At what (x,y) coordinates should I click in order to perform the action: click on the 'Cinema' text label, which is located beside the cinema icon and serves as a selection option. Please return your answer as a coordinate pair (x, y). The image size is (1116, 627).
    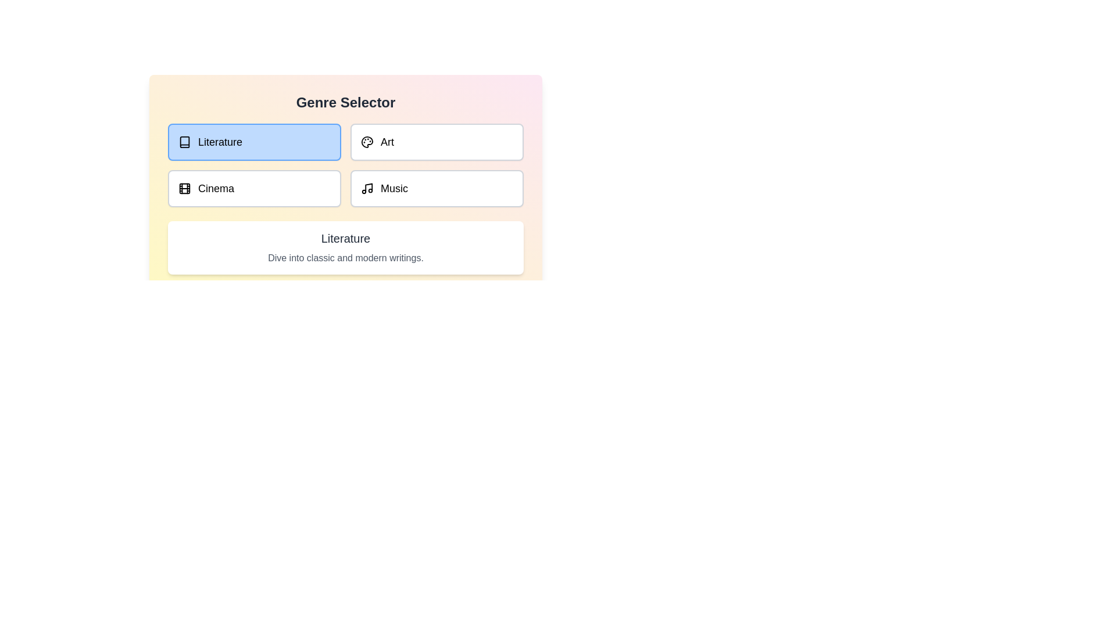
    Looking at the image, I should click on (216, 188).